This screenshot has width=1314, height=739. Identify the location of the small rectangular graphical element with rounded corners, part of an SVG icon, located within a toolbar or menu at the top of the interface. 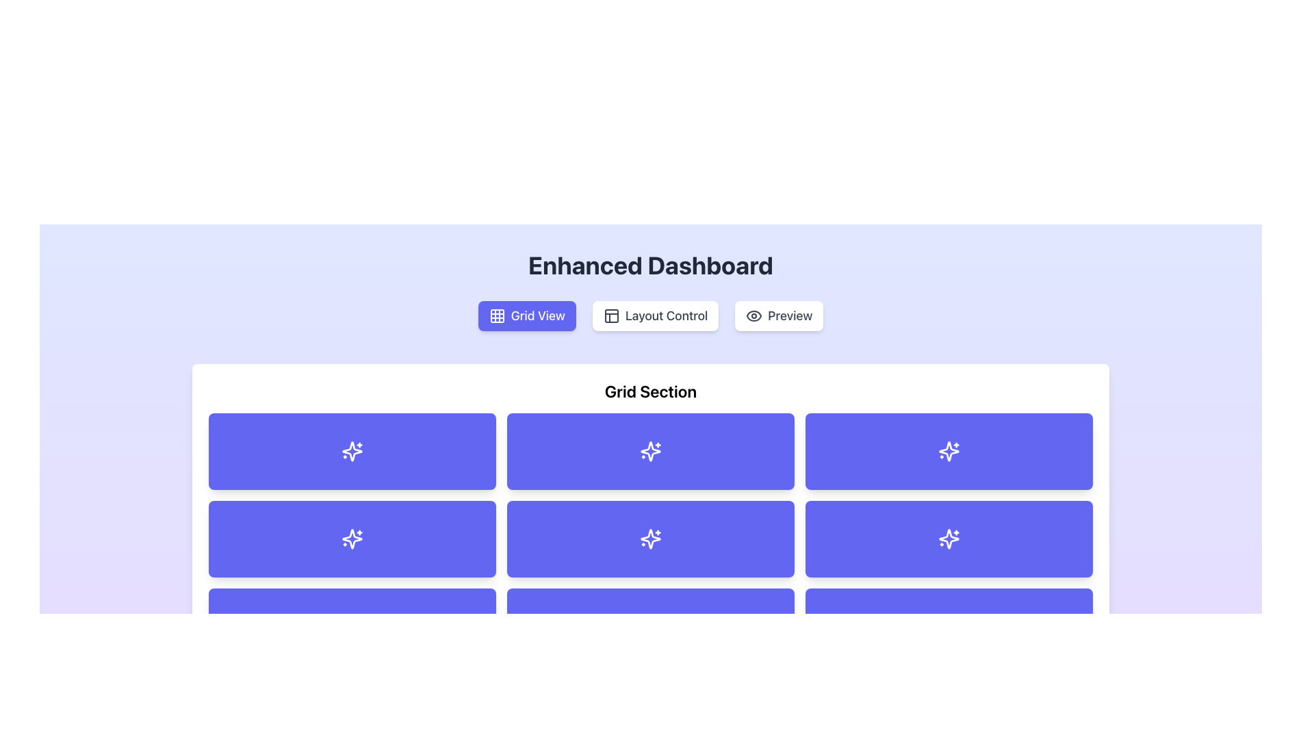
(610, 316).